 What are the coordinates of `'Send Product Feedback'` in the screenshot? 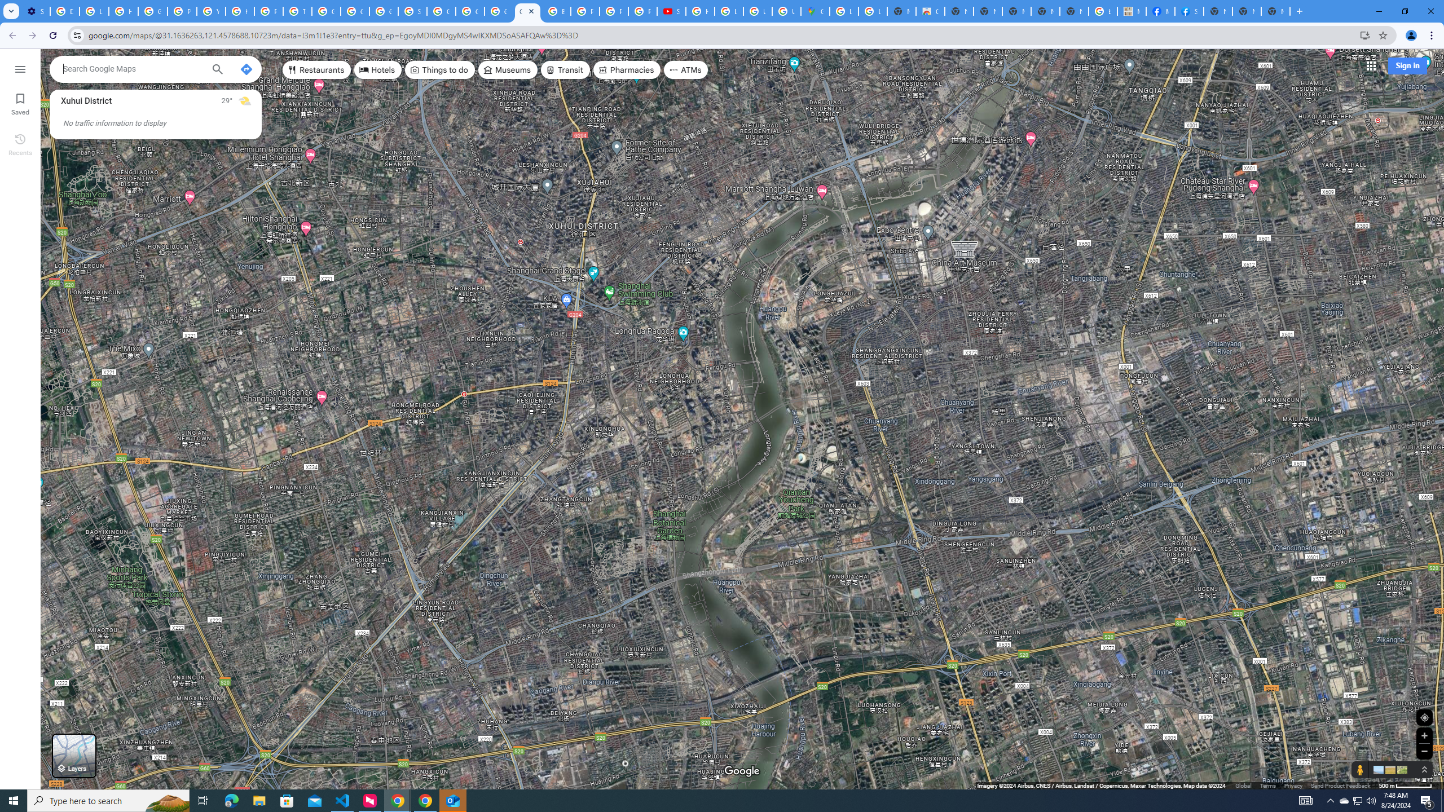 It's located at (1340, 785).